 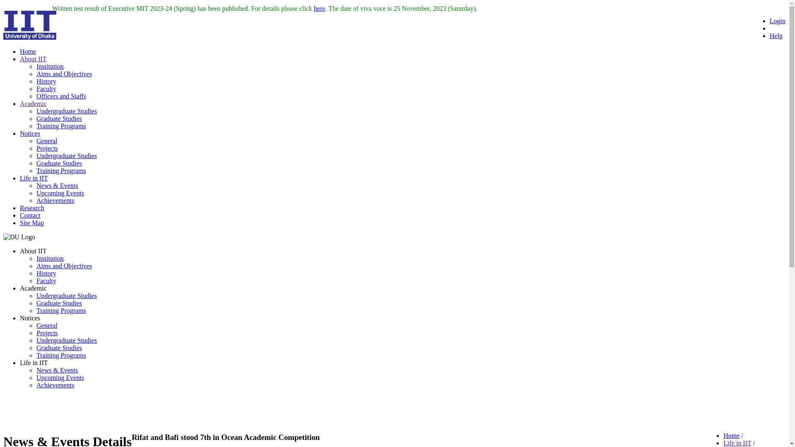 What do you see at coordinates (61, 96) in the screenshot?
I see `'Officers and Staffs'` at bounding box center [61, 96].